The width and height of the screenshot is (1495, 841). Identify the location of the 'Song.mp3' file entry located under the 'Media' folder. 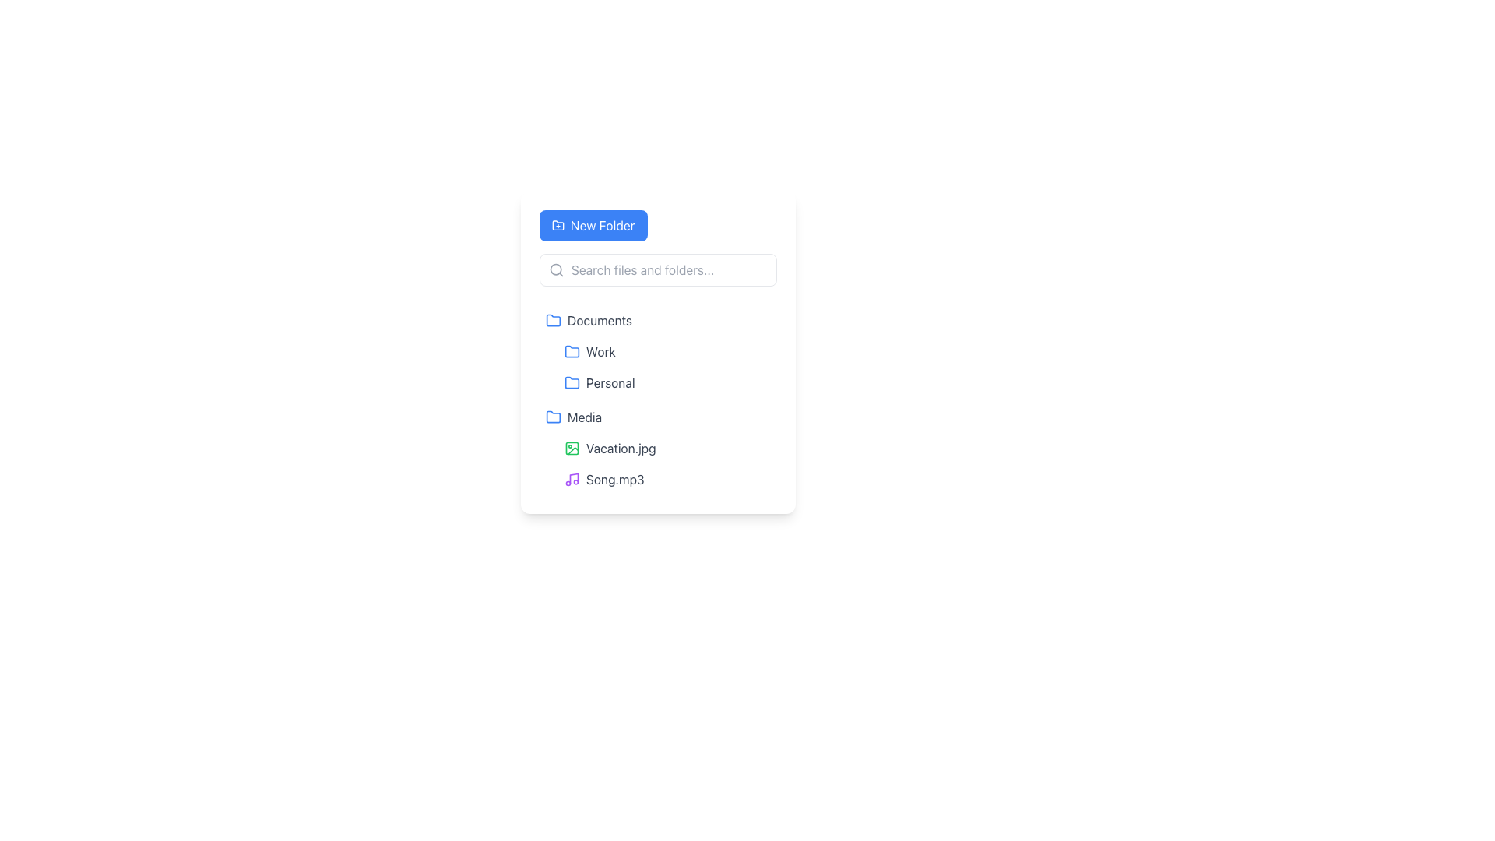
(667, 479).